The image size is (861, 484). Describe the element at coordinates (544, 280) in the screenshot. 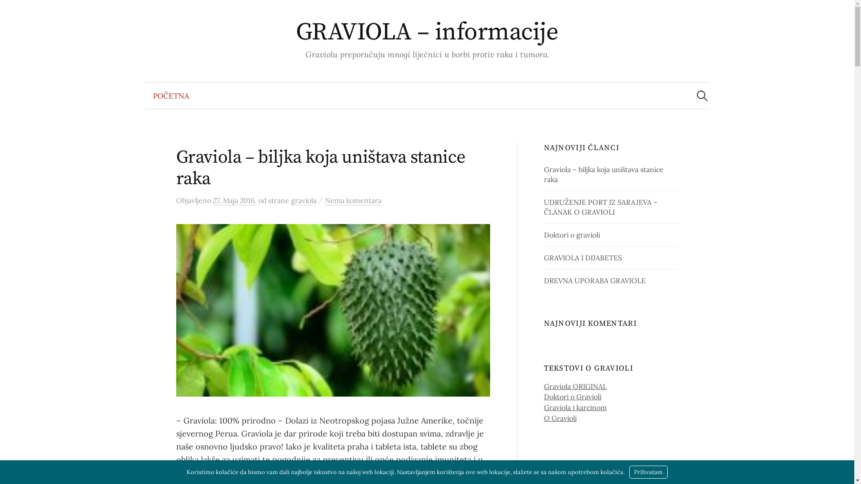

I see `'DREVNA UPORABA GRAVIOLE'` at that location.